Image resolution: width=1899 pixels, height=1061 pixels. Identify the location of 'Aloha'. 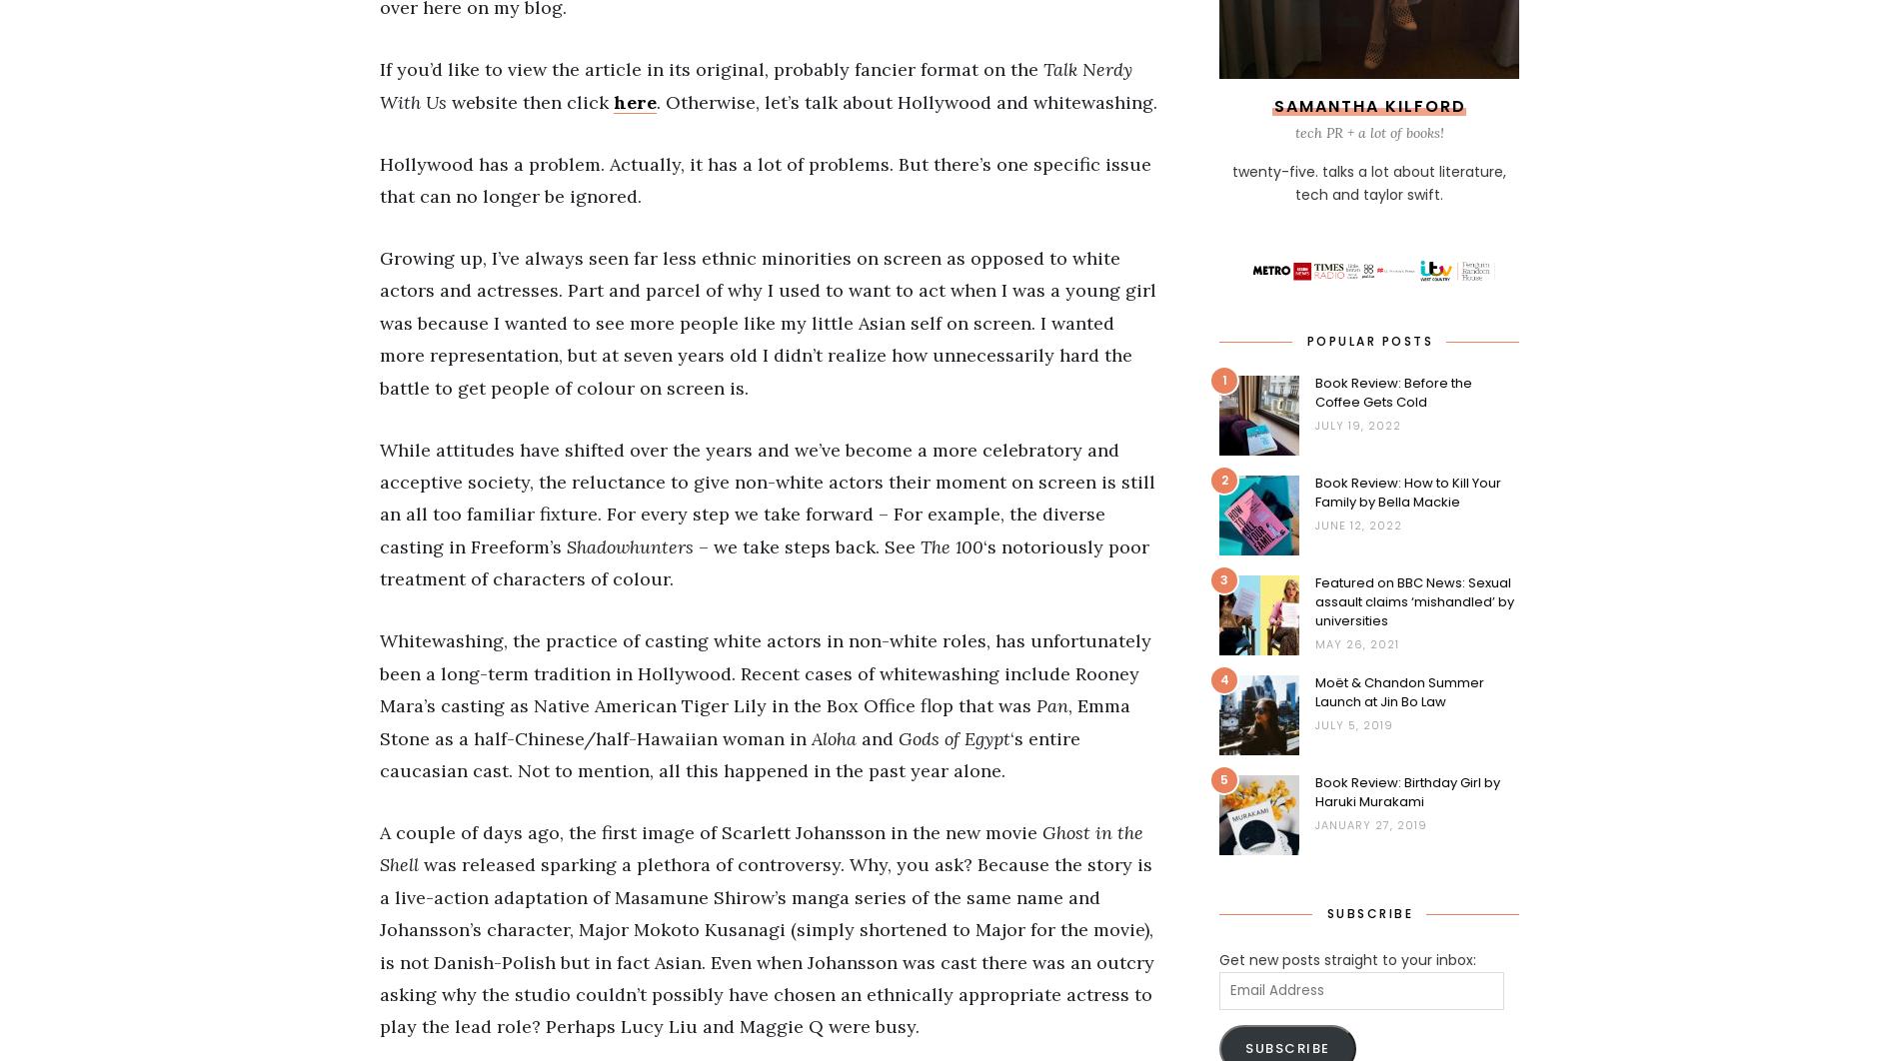
(833, 737).